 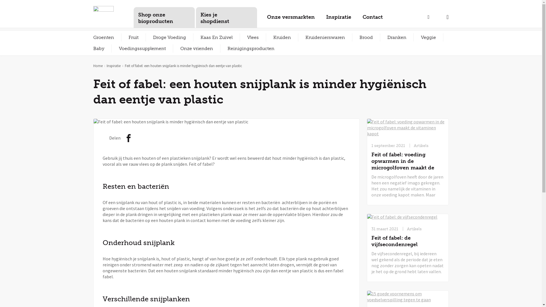 What do you see at coordinates (113, 65) in the screenshot?
I see `'Inspiratie'` at bounding box center [113, 65].